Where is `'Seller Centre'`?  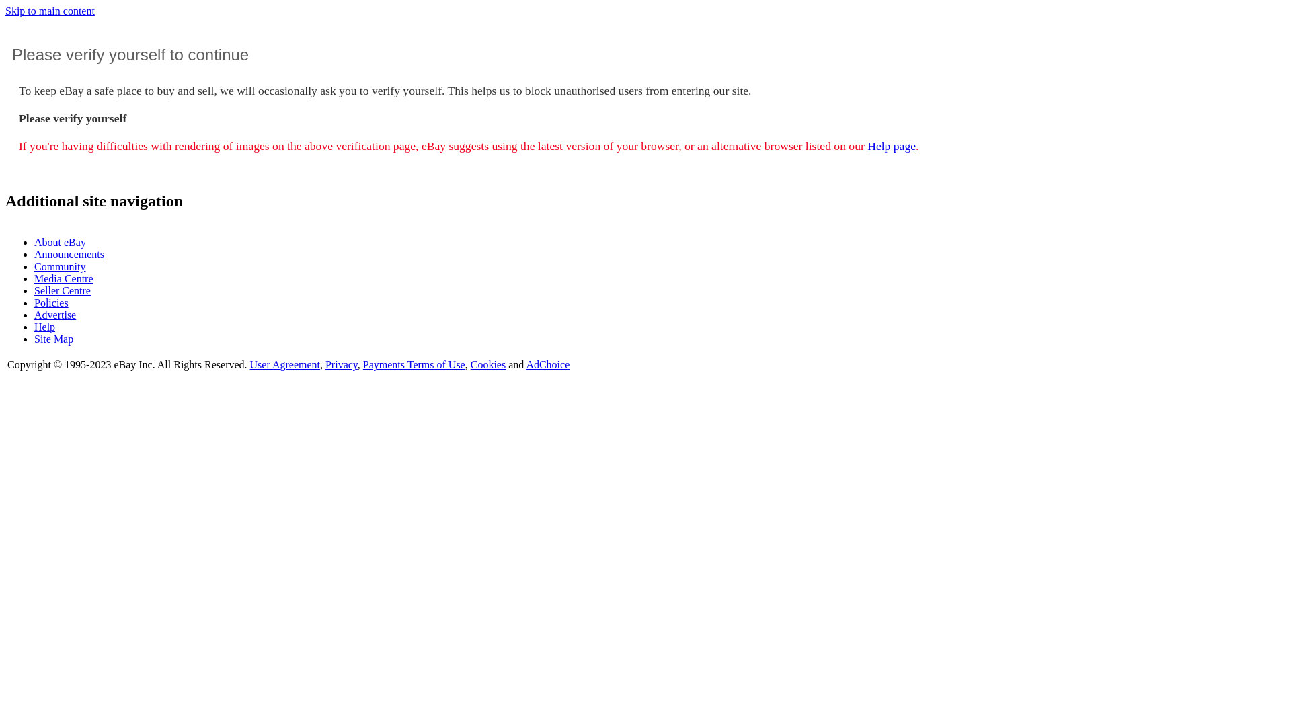
'Seller Centre' is located at coordinates (61, 290).